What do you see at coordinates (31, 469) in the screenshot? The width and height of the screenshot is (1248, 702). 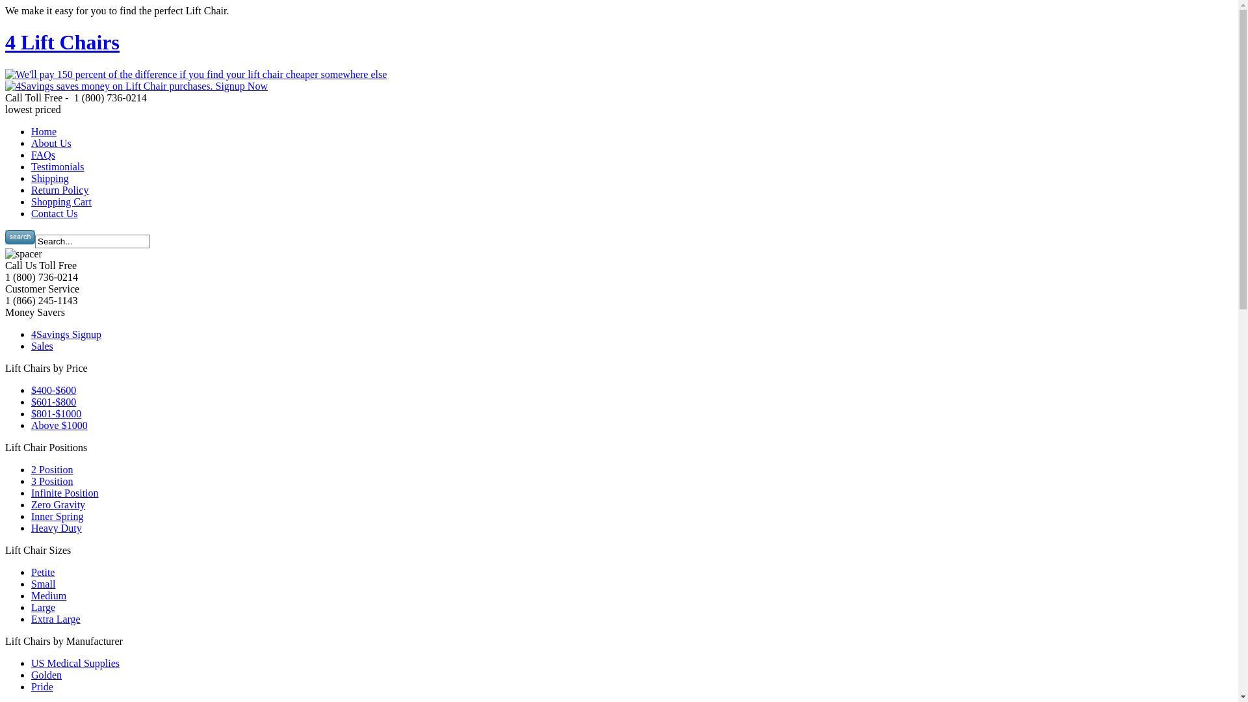 I see `'2 Position'` at bounding box center [31, 469].